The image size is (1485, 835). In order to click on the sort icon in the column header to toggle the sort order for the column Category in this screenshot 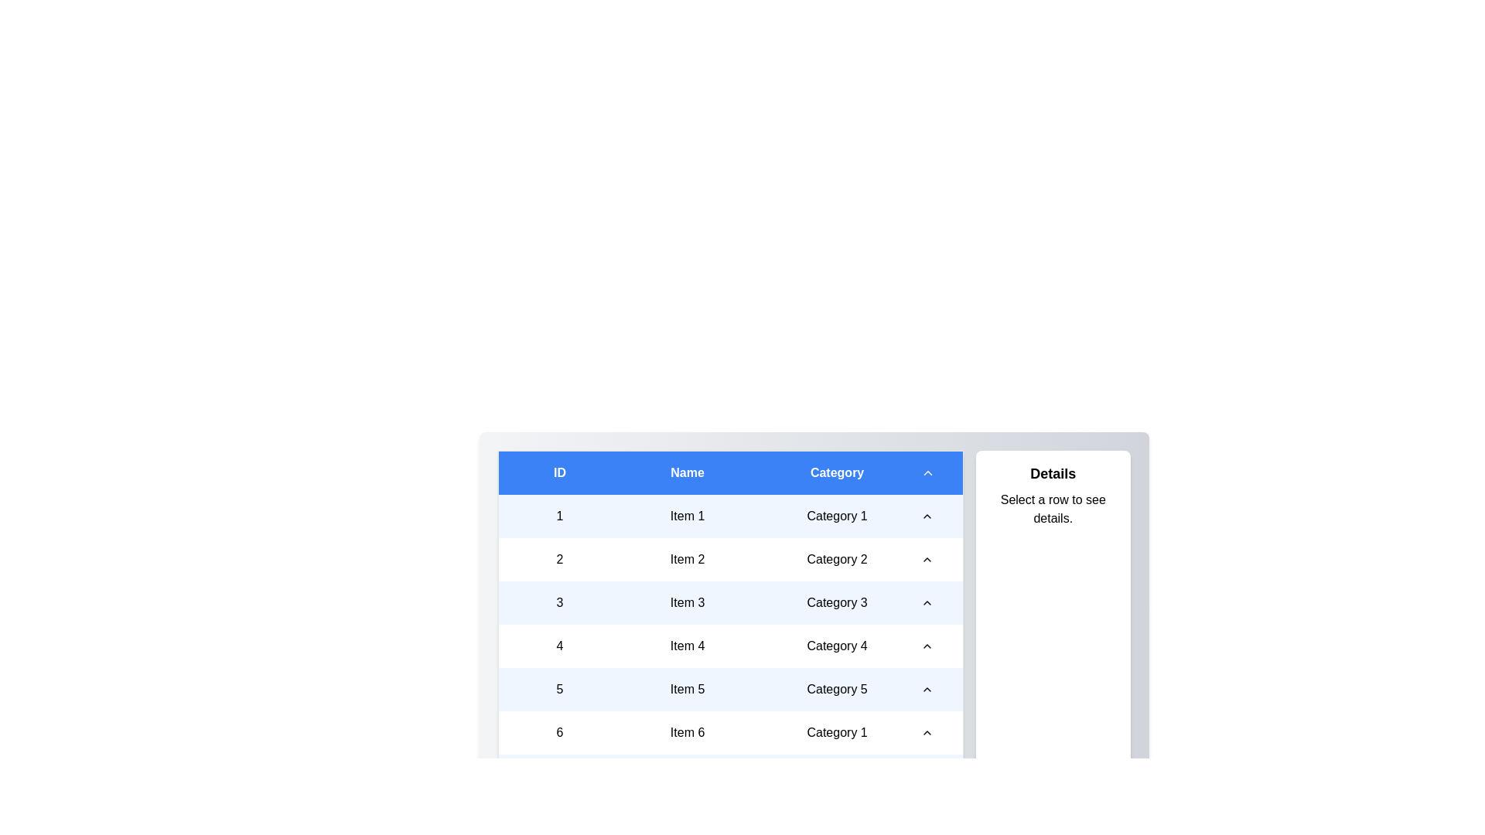, I will do `click(836, 472)`.